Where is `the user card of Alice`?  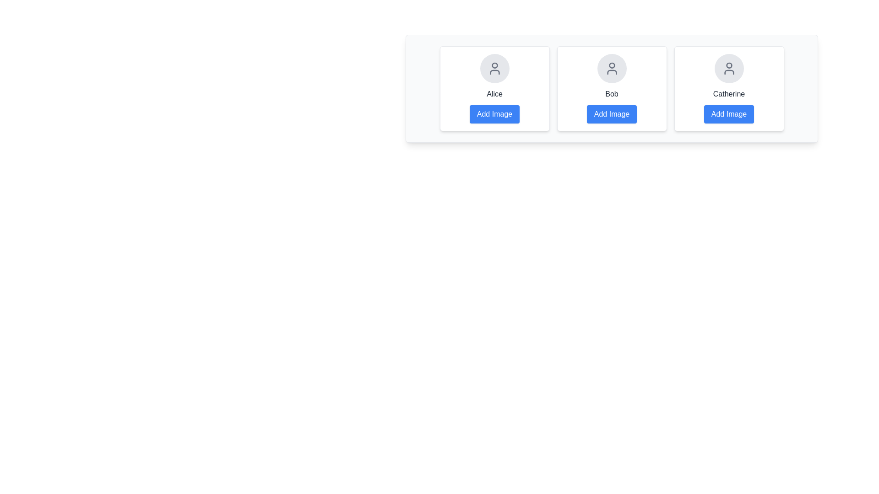
the user card of Alice is located at coordinates (494, 88).